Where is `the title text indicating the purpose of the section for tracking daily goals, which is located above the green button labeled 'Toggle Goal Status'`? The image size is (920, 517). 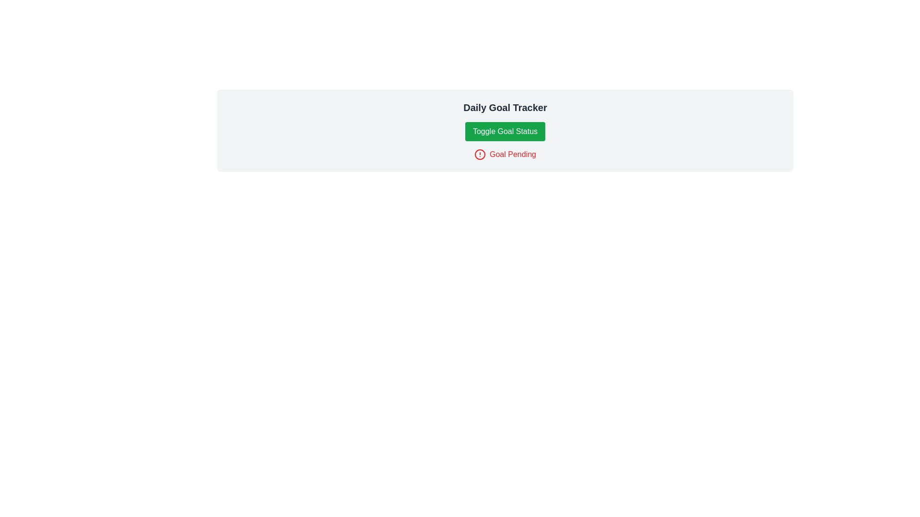 the title text indicating the purpose of the section for tracking daily goals, which is located above the green button labeled 'Toggle Goal Status' is located at coordinates (505, 107).